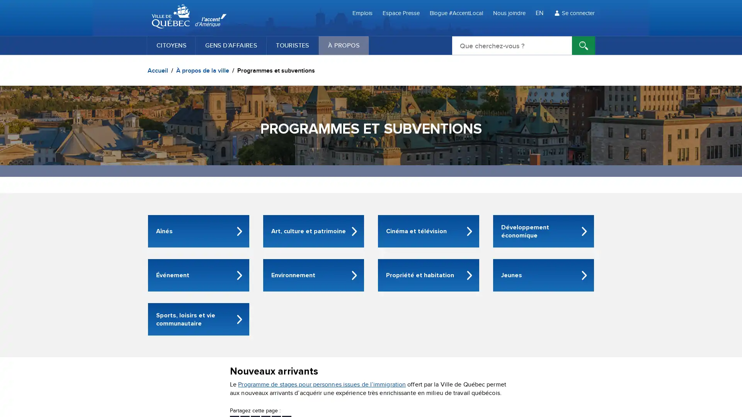  I want to click on Rechercher, so click(584, 46).